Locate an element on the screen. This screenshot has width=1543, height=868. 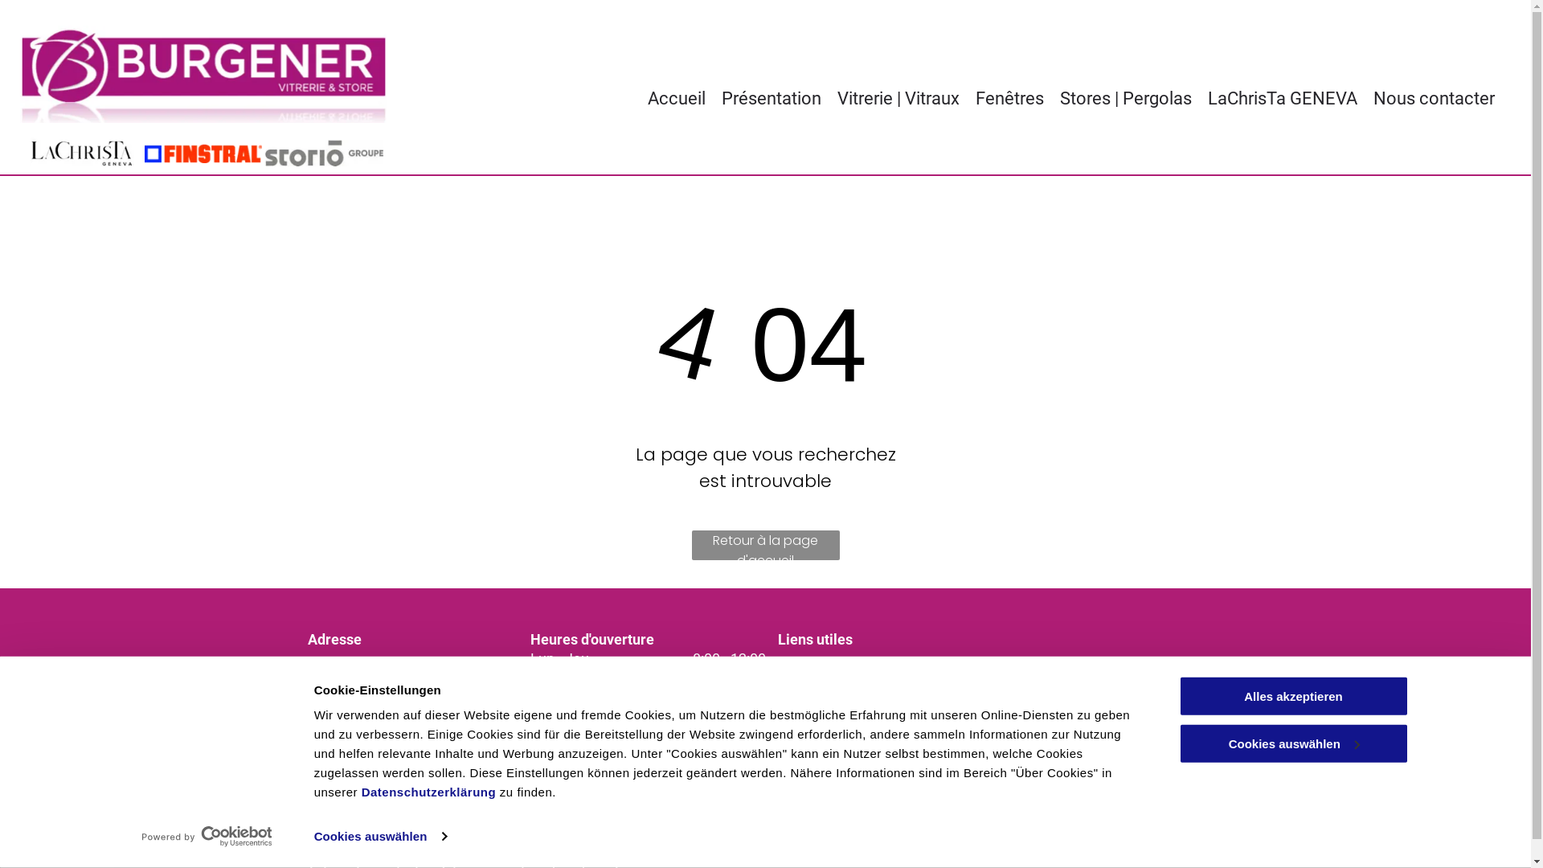
'info@burgenersa.ch' is located at coordinates (372, 755).